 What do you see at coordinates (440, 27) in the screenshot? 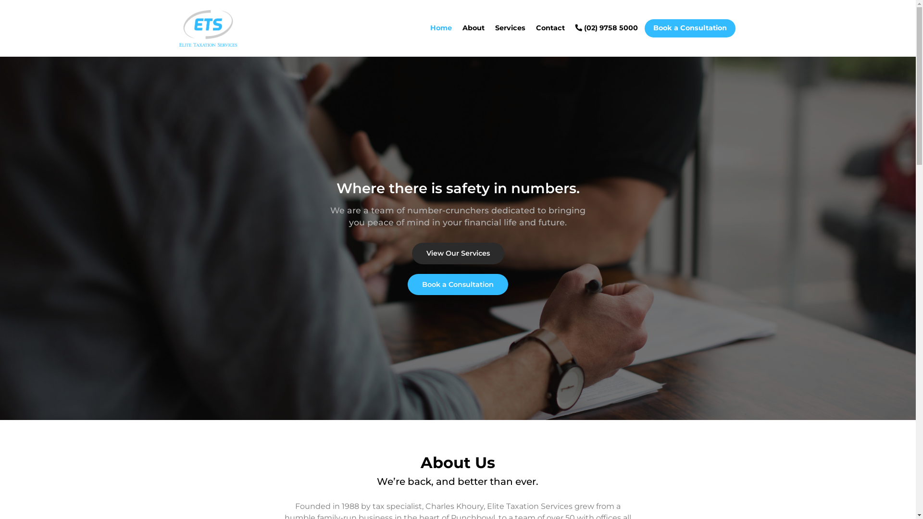
I see `'Home'` at bounding box center [440, 27].